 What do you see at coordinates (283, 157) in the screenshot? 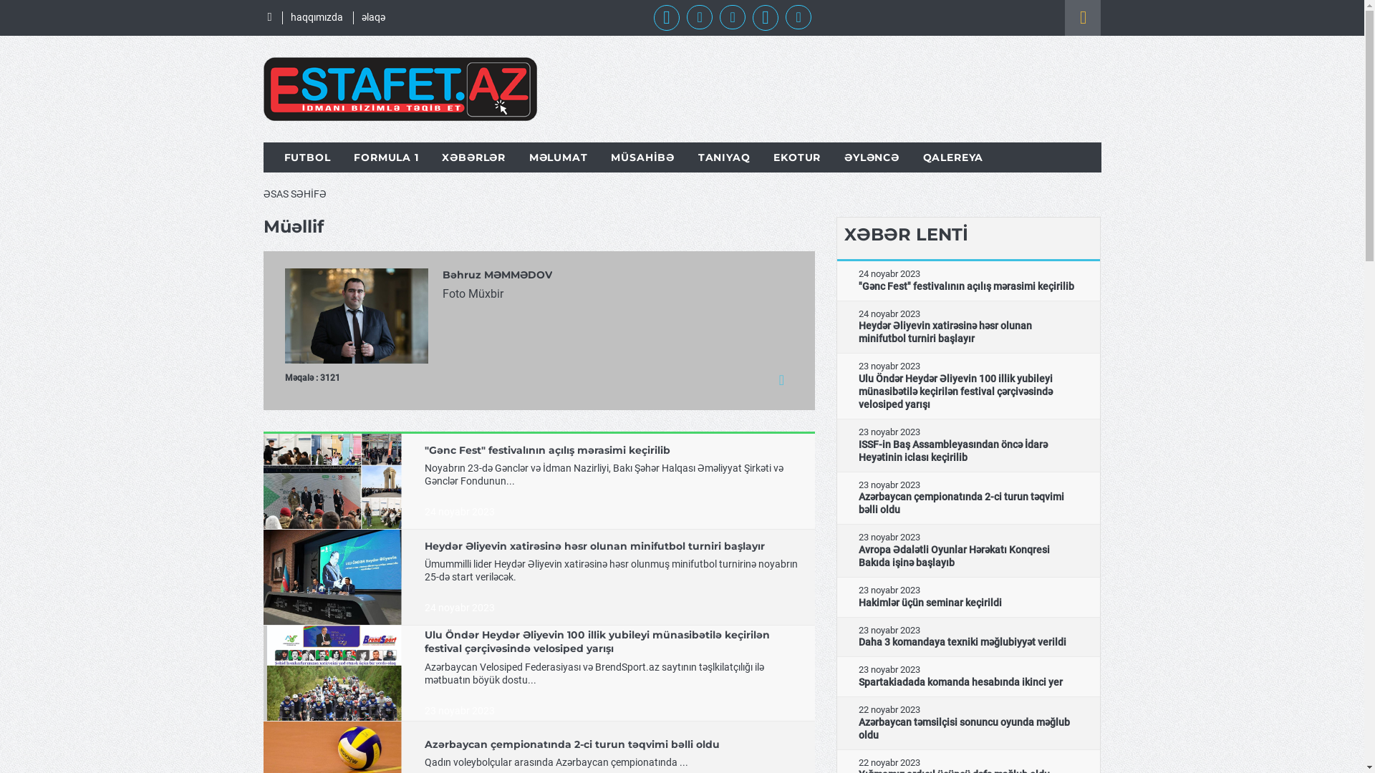
I see `'FUTBOL'` at bounding box center [283, 157].